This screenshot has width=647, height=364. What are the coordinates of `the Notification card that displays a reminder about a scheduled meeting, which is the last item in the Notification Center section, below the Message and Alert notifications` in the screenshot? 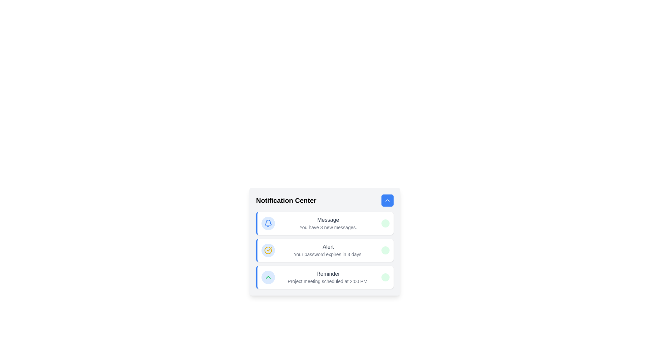 It's located at (325, 277).